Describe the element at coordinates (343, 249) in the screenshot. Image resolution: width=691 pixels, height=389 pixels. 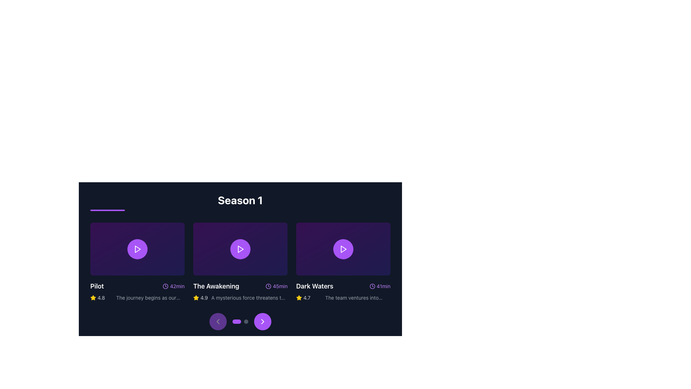
I see `the triangular play button icon located in the third card under the 'Season 1' header` at that location.